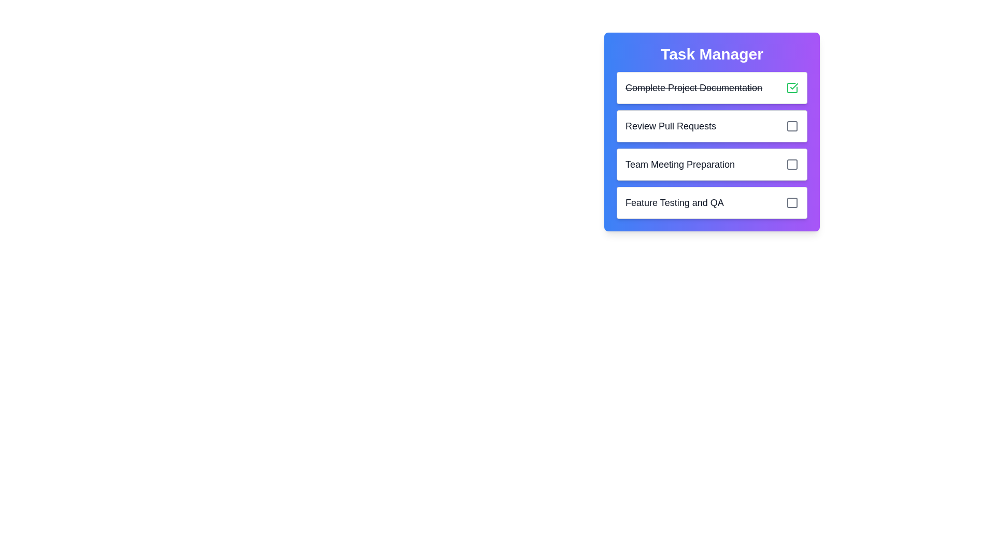 Image resolution: width=995 pixels, height=559 pixels. Describe the element at coordinates (792, 87) in the screenshot. I see `the decorative SVG component that visually indicates the task 'Complete Project Documentation' has been marked as completed, located at the right edge of the task item` at that location.